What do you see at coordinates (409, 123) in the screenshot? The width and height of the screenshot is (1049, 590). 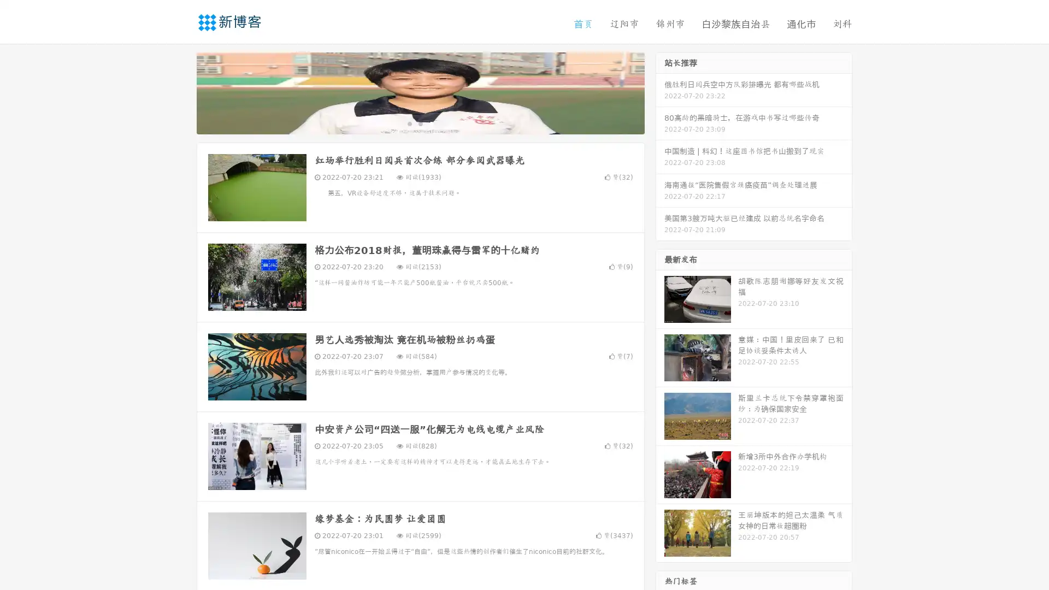 I see `Go to slide 1` at bounding box center [409, 123].